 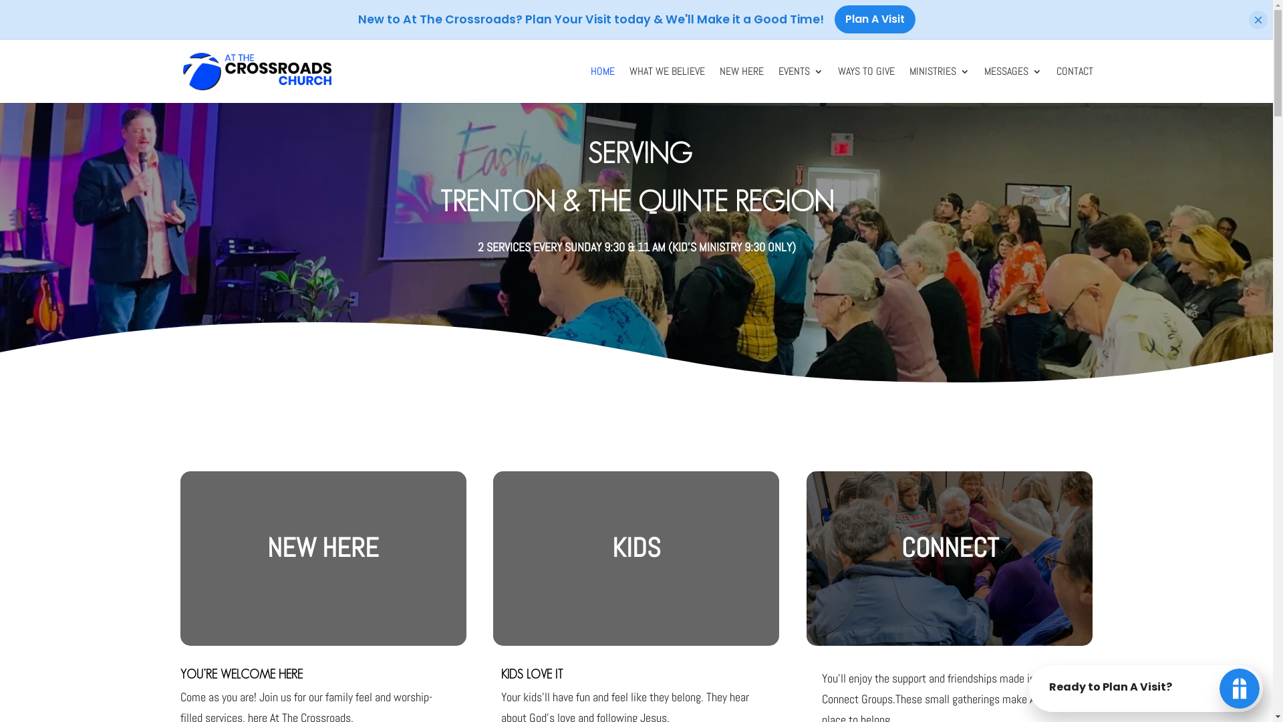 What do you see at coordinates (938, 85) in the screenshot?
I see `'MINISTRIES'` at bounding box center [938, 85].